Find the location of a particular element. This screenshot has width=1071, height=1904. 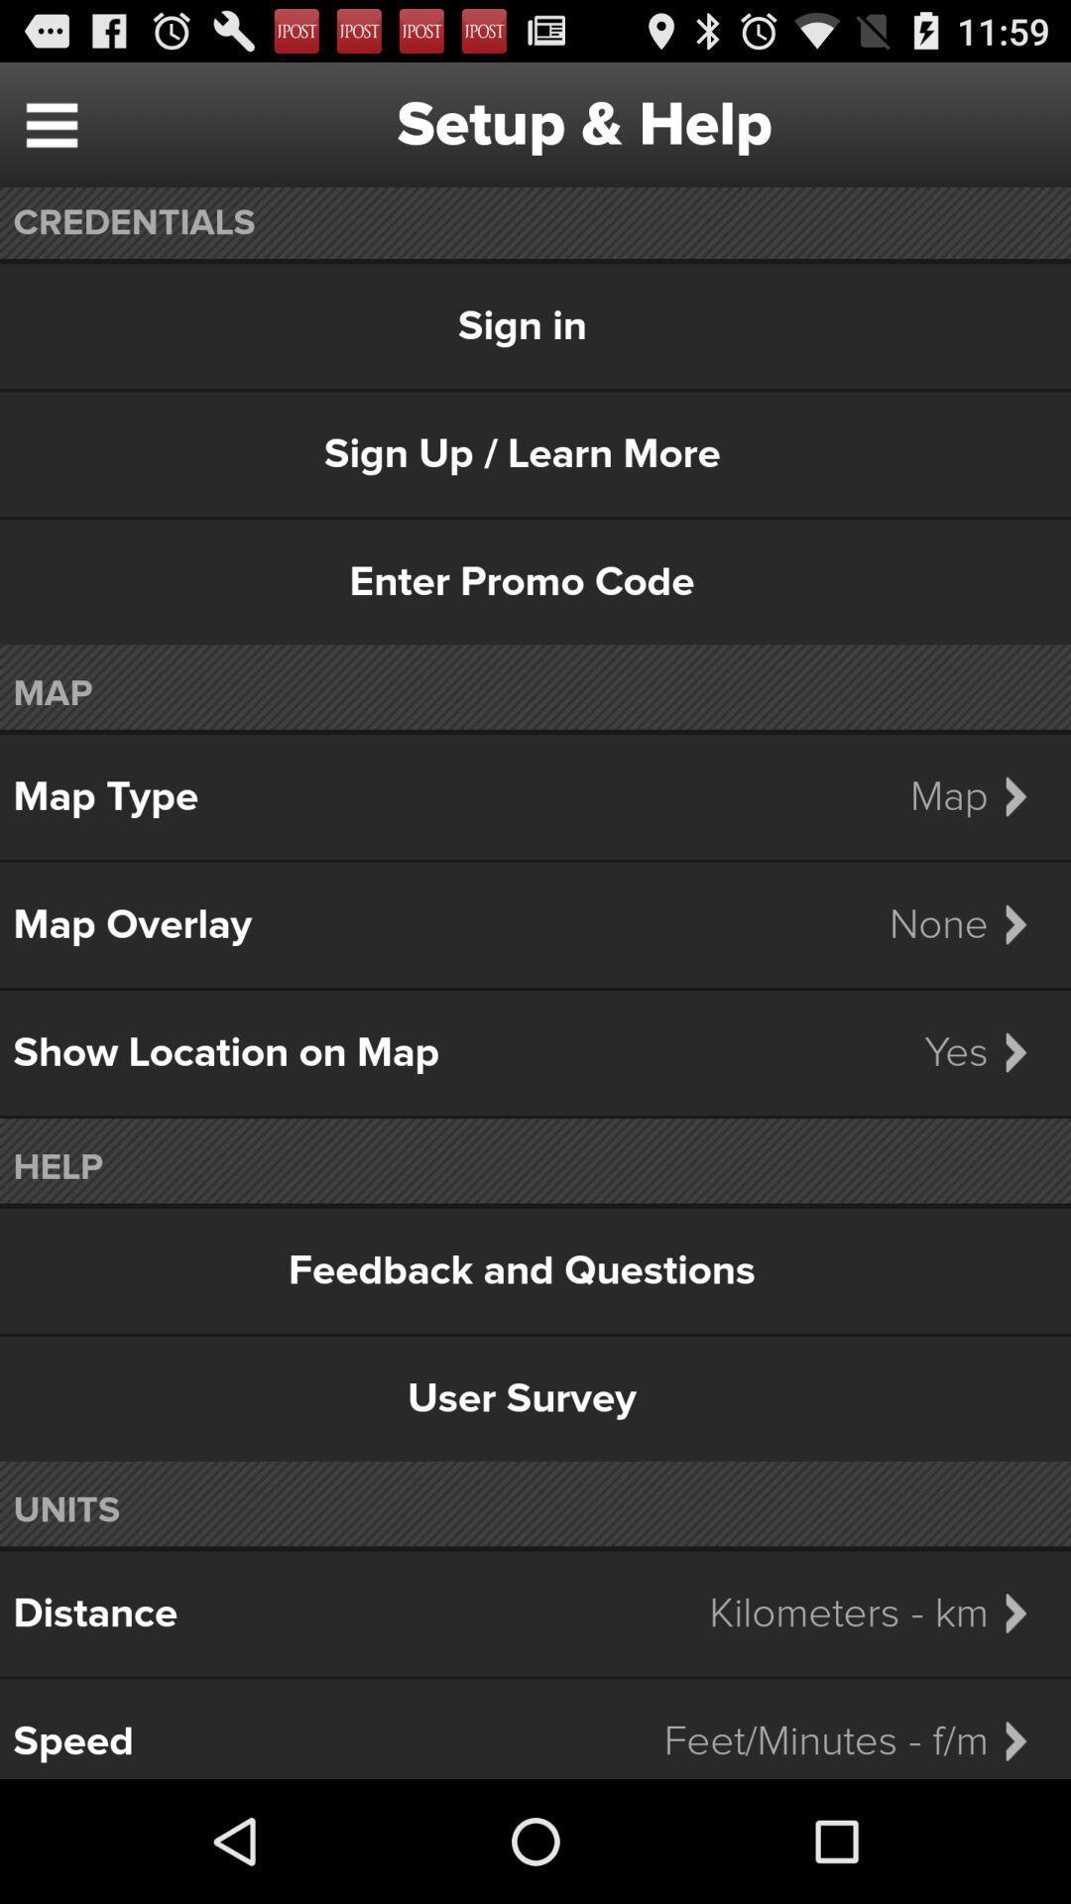

the sign in is located at coordinates (535, 326).